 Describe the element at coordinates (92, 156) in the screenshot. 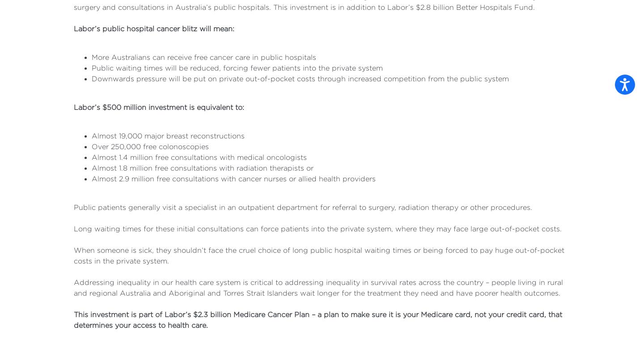

I see `'Almost 1.4 million free consultations with medical oncologists'` at that location.